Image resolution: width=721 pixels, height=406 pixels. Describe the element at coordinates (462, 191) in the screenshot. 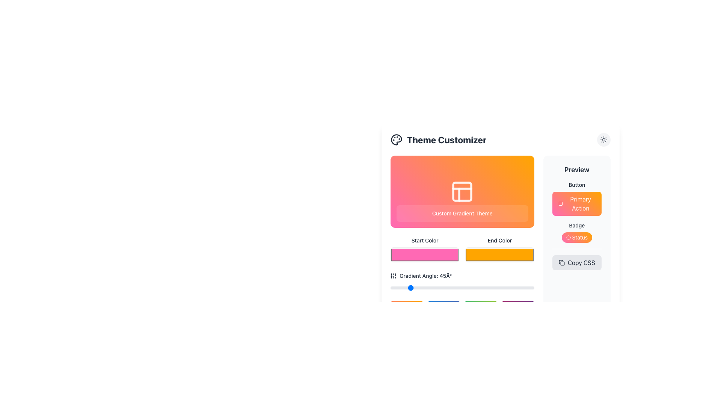

I see `the non-clickable informational card with a vibrant gradient background and 'Custom Gradient Theme' label in the 'Theme Customizer' section` at that location.